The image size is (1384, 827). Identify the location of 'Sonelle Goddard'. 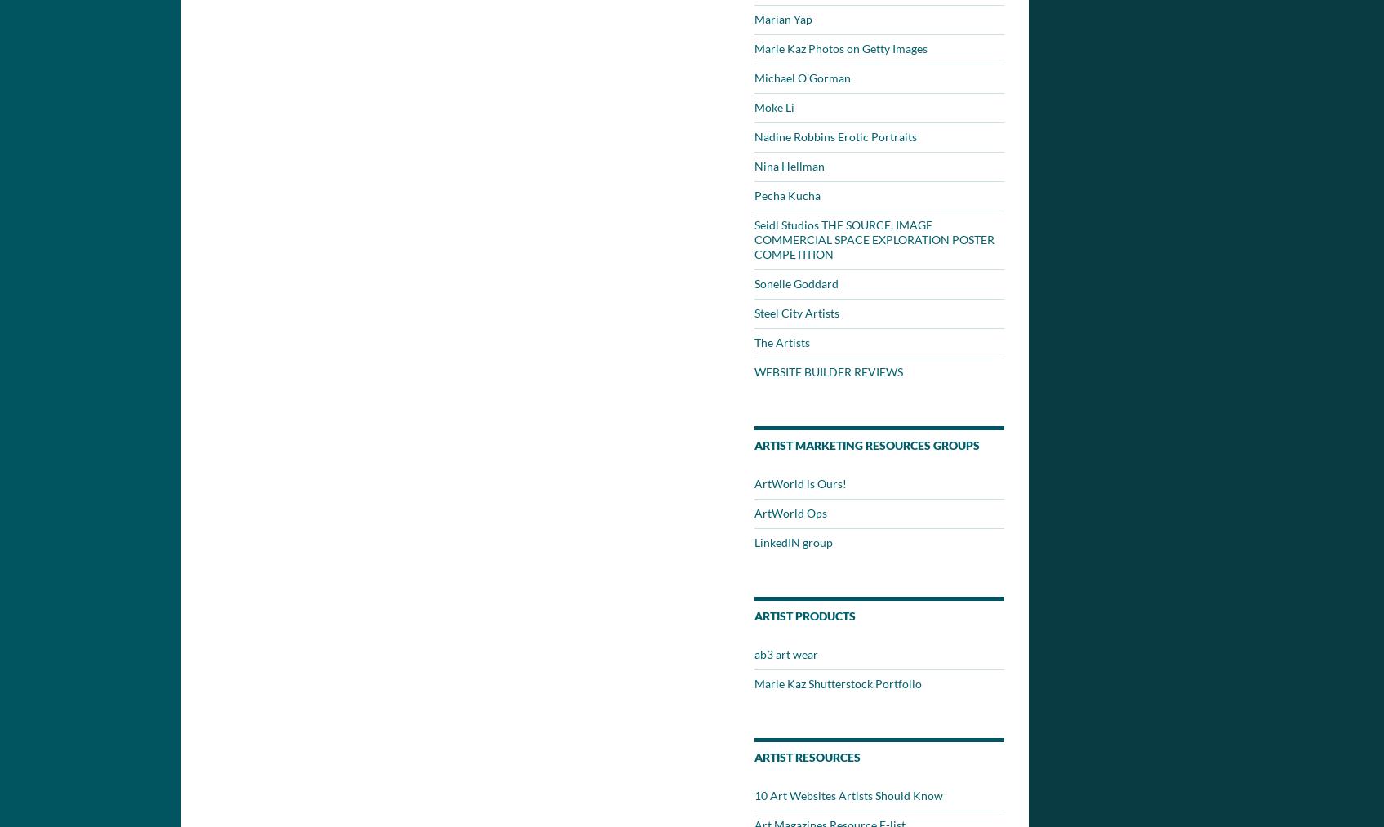
(754, 283).